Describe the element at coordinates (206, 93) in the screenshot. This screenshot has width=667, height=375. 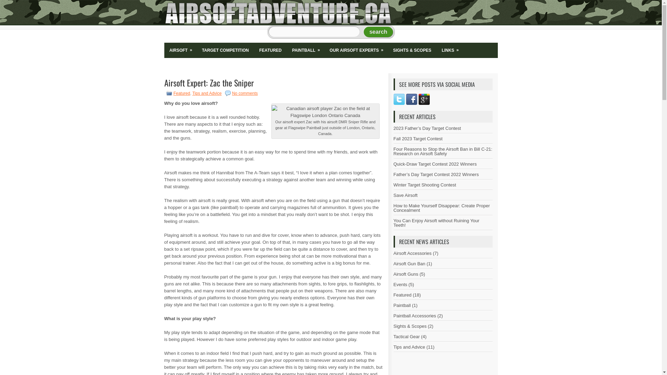
I see `'Tips and Advice'` at that location.